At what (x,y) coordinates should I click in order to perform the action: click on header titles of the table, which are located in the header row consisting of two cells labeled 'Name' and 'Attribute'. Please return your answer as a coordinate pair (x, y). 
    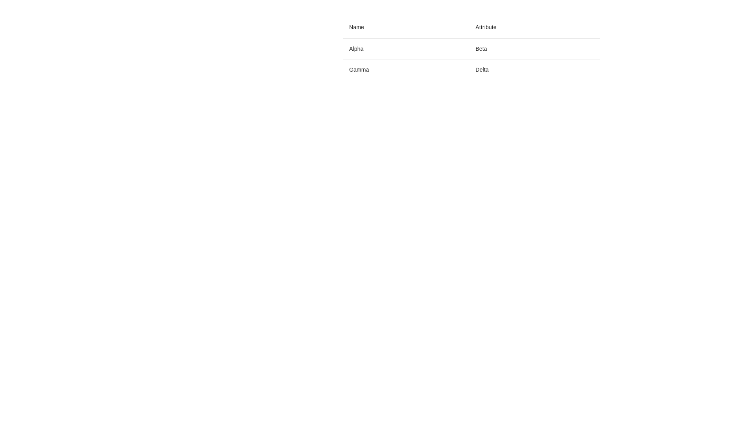
    Looking at the image, I should click on (471, 27).